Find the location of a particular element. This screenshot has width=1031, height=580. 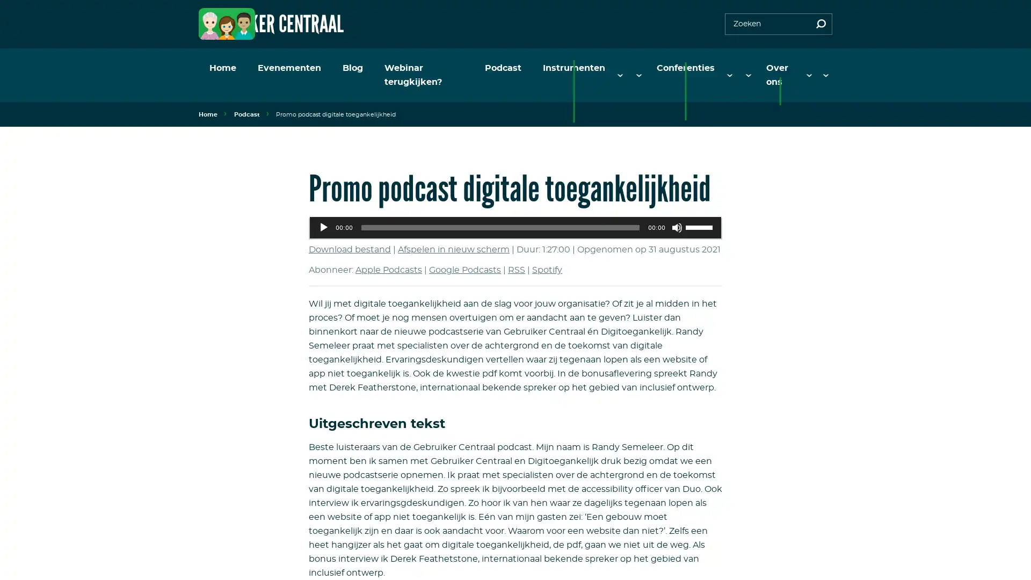

Toon submenu voor Over ons is located at coordinates (811, 68).